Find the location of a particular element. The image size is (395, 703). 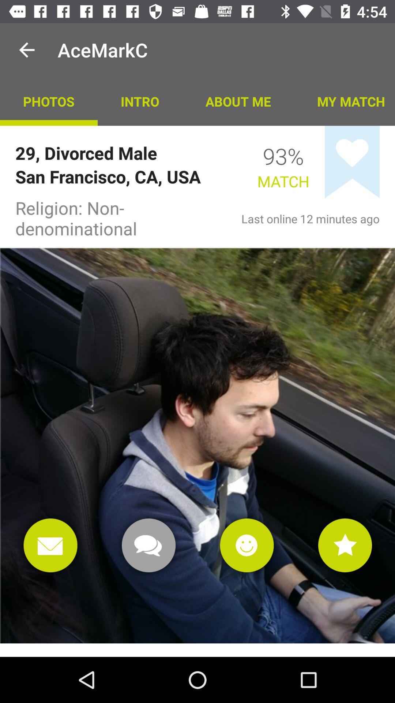

message user is located at coordinates (148, 545).